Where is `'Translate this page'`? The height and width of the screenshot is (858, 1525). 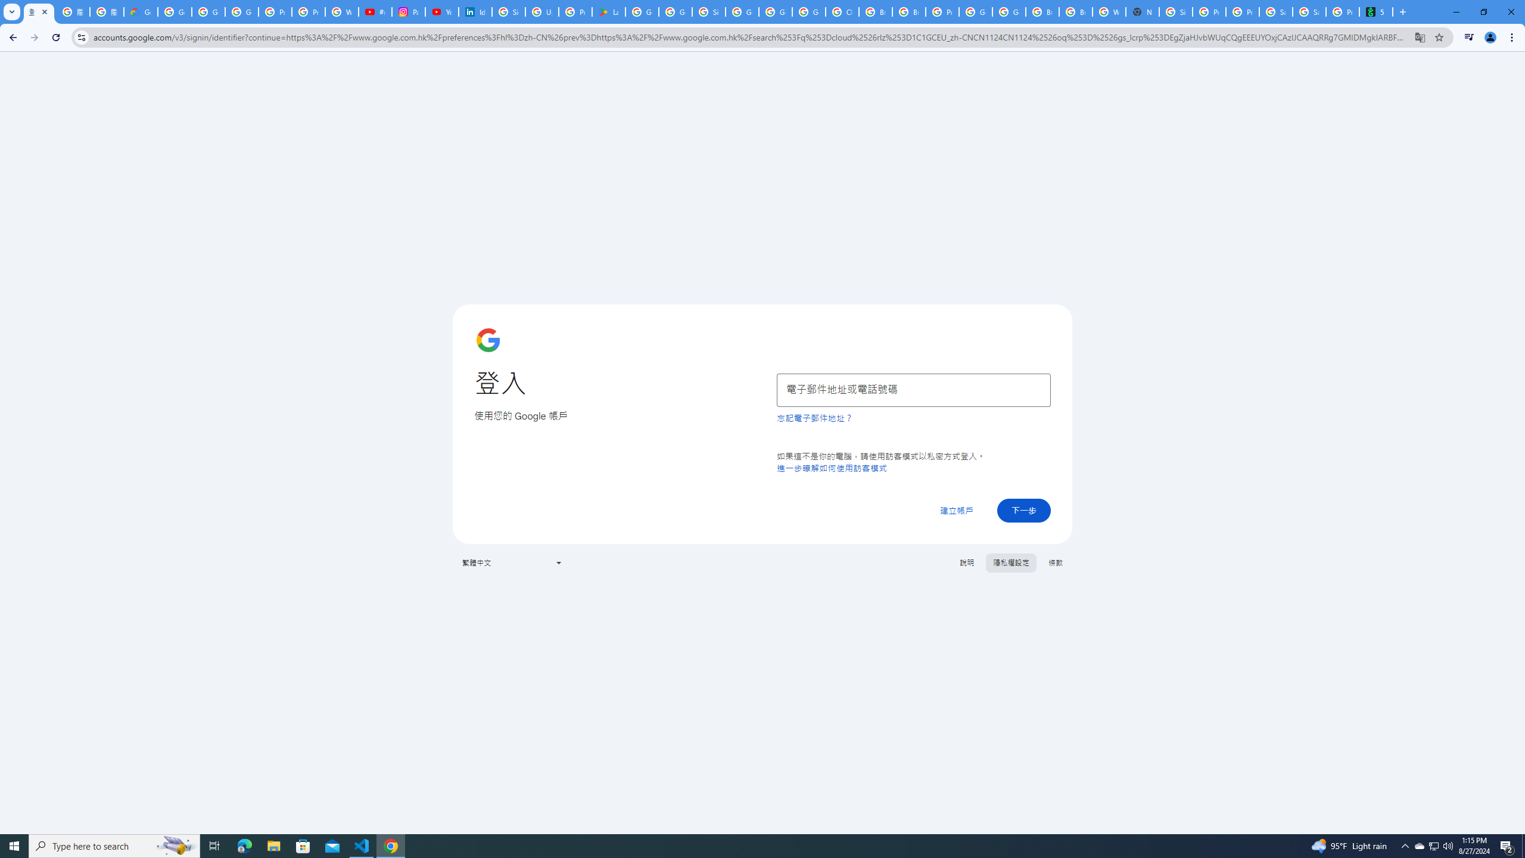
'Translate this page' is located at coordinates (1420, 36).